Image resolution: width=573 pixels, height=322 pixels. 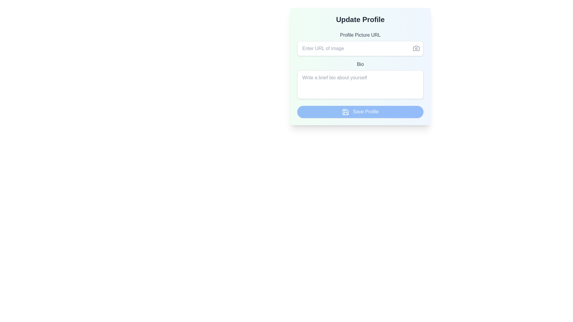 I want to click on the camera icon located at the top-right corner of the 'Profile Picture URL' input field, so click(x=416, y=48).